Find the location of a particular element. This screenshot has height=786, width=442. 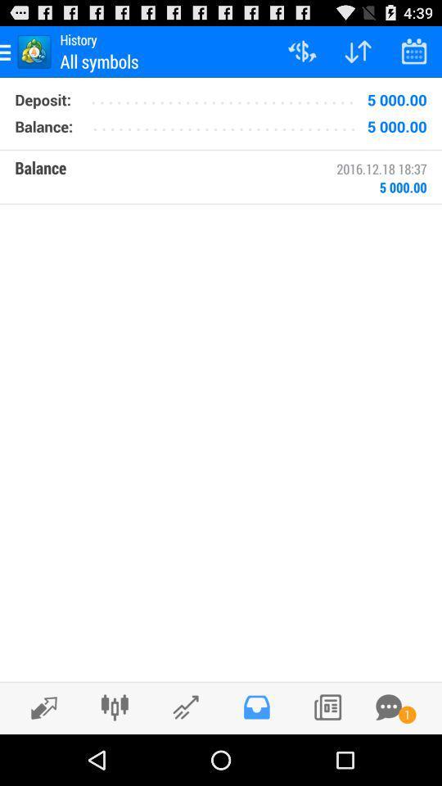

listing is located at coordinates (327, 707).